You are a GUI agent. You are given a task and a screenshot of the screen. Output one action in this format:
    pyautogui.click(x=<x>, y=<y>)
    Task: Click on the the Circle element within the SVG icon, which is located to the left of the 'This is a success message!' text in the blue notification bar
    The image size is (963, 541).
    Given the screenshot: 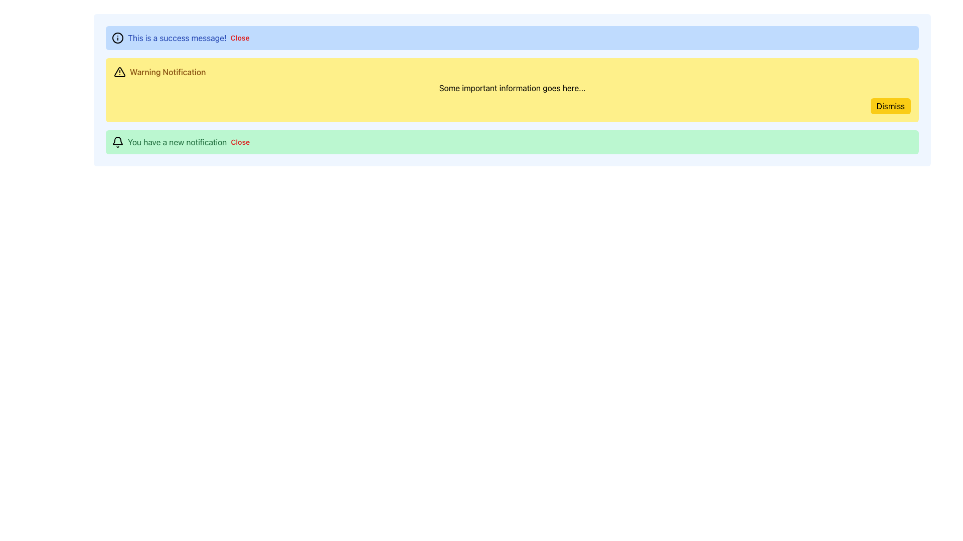 What is the action you would take?
    pyautogui.click(x=118, y=38)
    